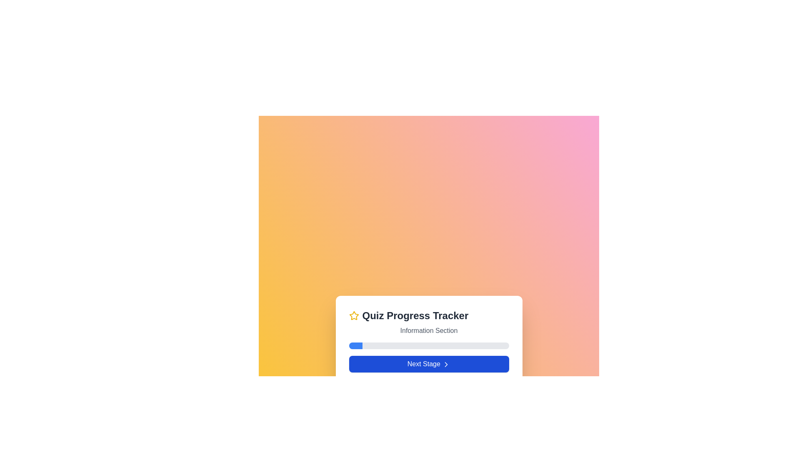 The width and height of the screenshot is (800, 450). I want to click on the decorative star icon located to the left of the 'Quiz Progress Tracker' and 'Information Section' headings, so click(354, 315).